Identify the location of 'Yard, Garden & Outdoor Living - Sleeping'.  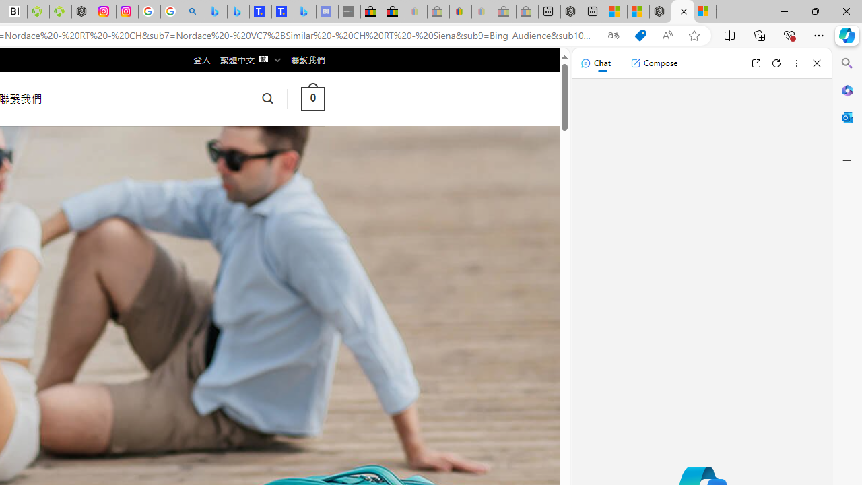
(526, 11).